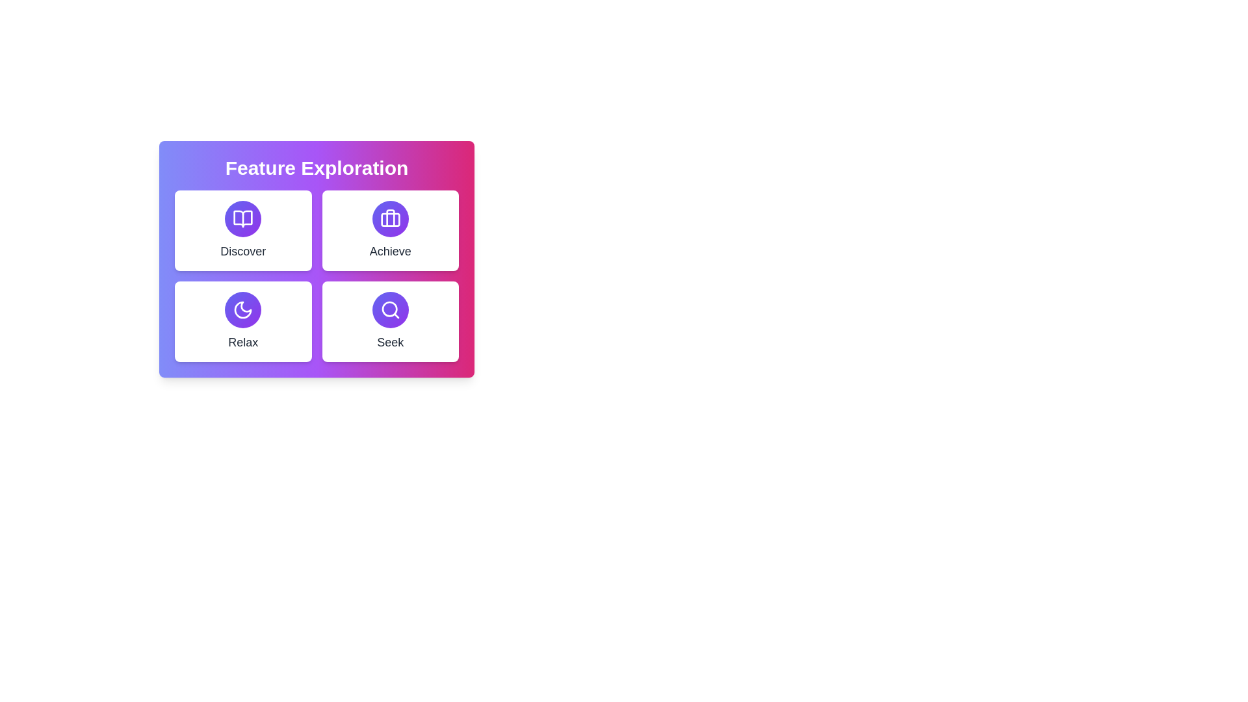  Describe the element at coordinates (243, 321) in the screenshot. I see `the 'Relax' button located in the bottom-left corner of the grid` at that location.